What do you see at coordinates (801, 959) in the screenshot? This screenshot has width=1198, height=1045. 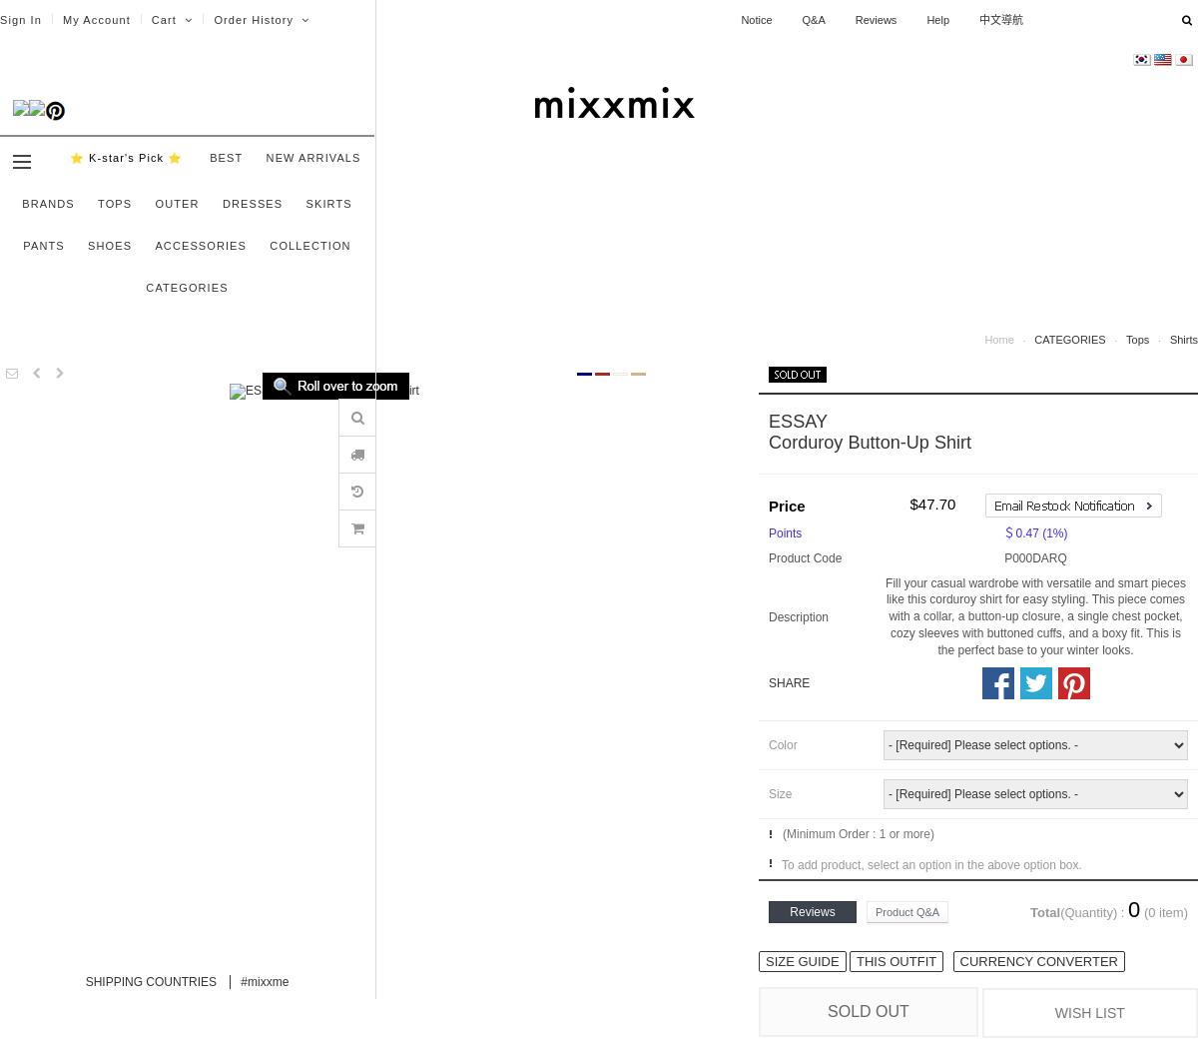 I see `'SIZE GUIDE'` at bounding box center [801, 959].